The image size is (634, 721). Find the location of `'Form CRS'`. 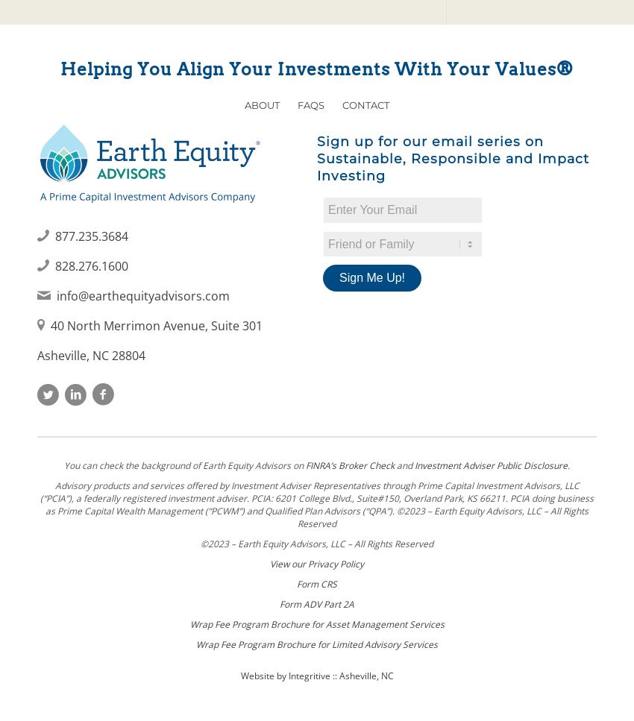

'Form CRS' is located at coordinates (317, 582).